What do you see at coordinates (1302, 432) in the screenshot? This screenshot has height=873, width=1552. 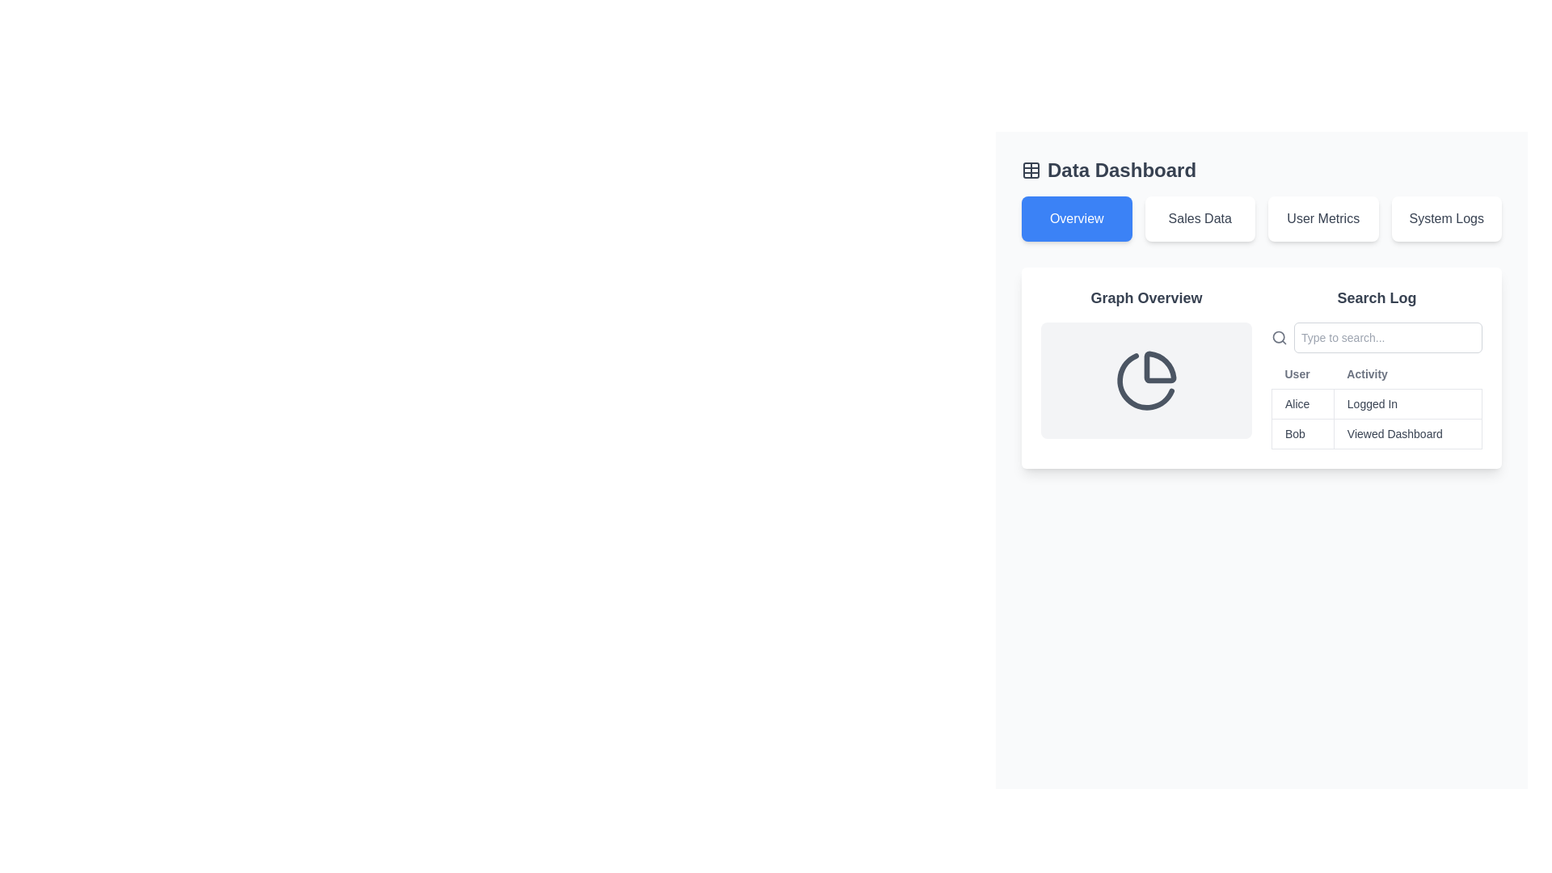 I see `the static text element displaying 'Bob' in the 'User' column of the 'Search Log' section` at bounding box center [1302, 432].